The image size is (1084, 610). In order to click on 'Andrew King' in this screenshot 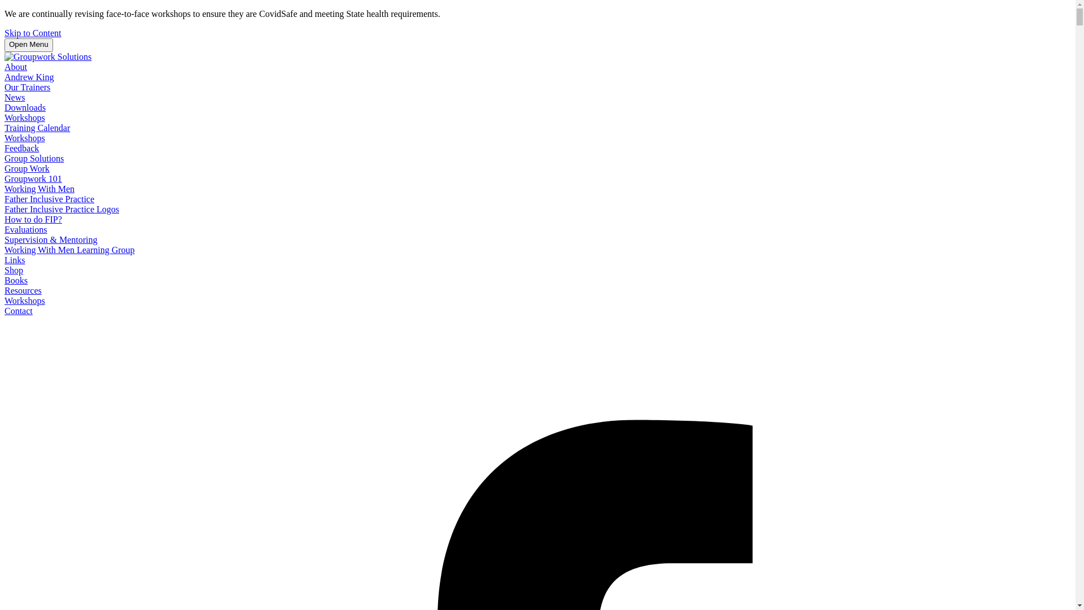, I will do `click(29, 76)`.